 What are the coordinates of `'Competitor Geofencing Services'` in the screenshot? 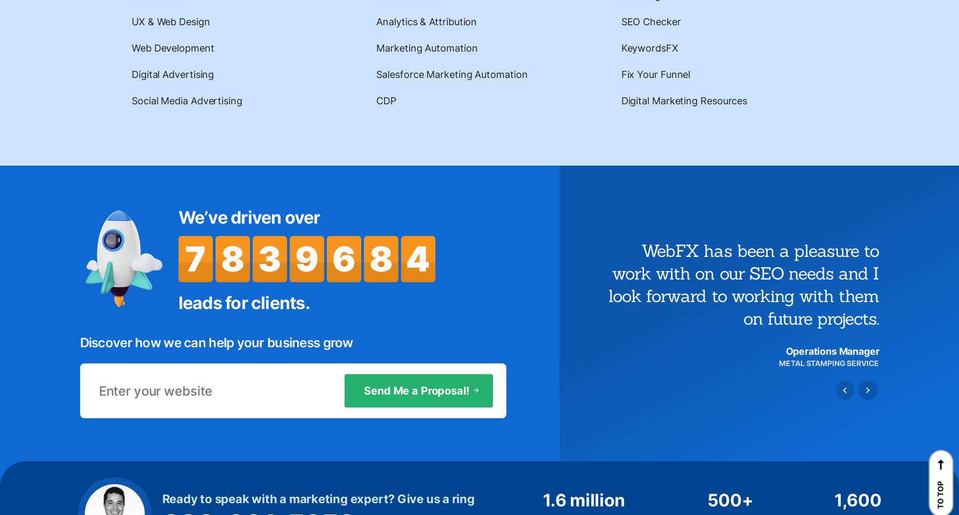 It's located at (148, 247).